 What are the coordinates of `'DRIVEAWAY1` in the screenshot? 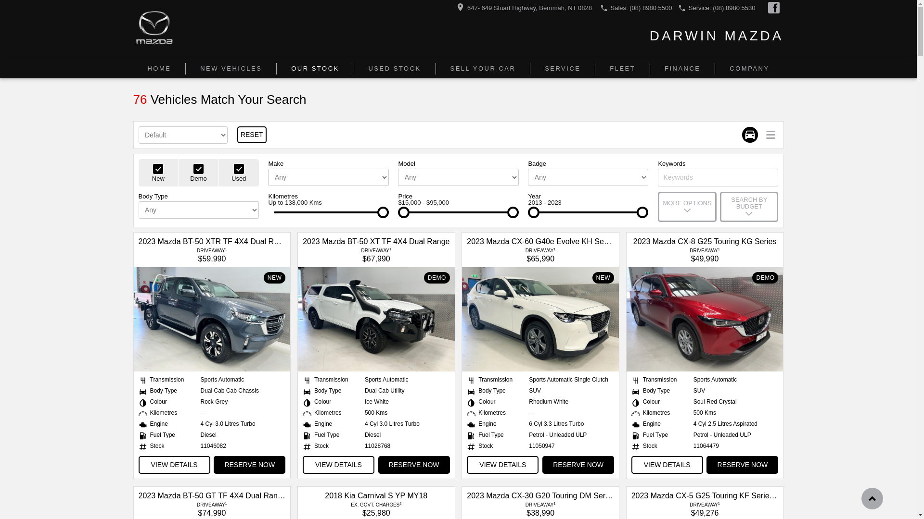 It's located at (375, 253).